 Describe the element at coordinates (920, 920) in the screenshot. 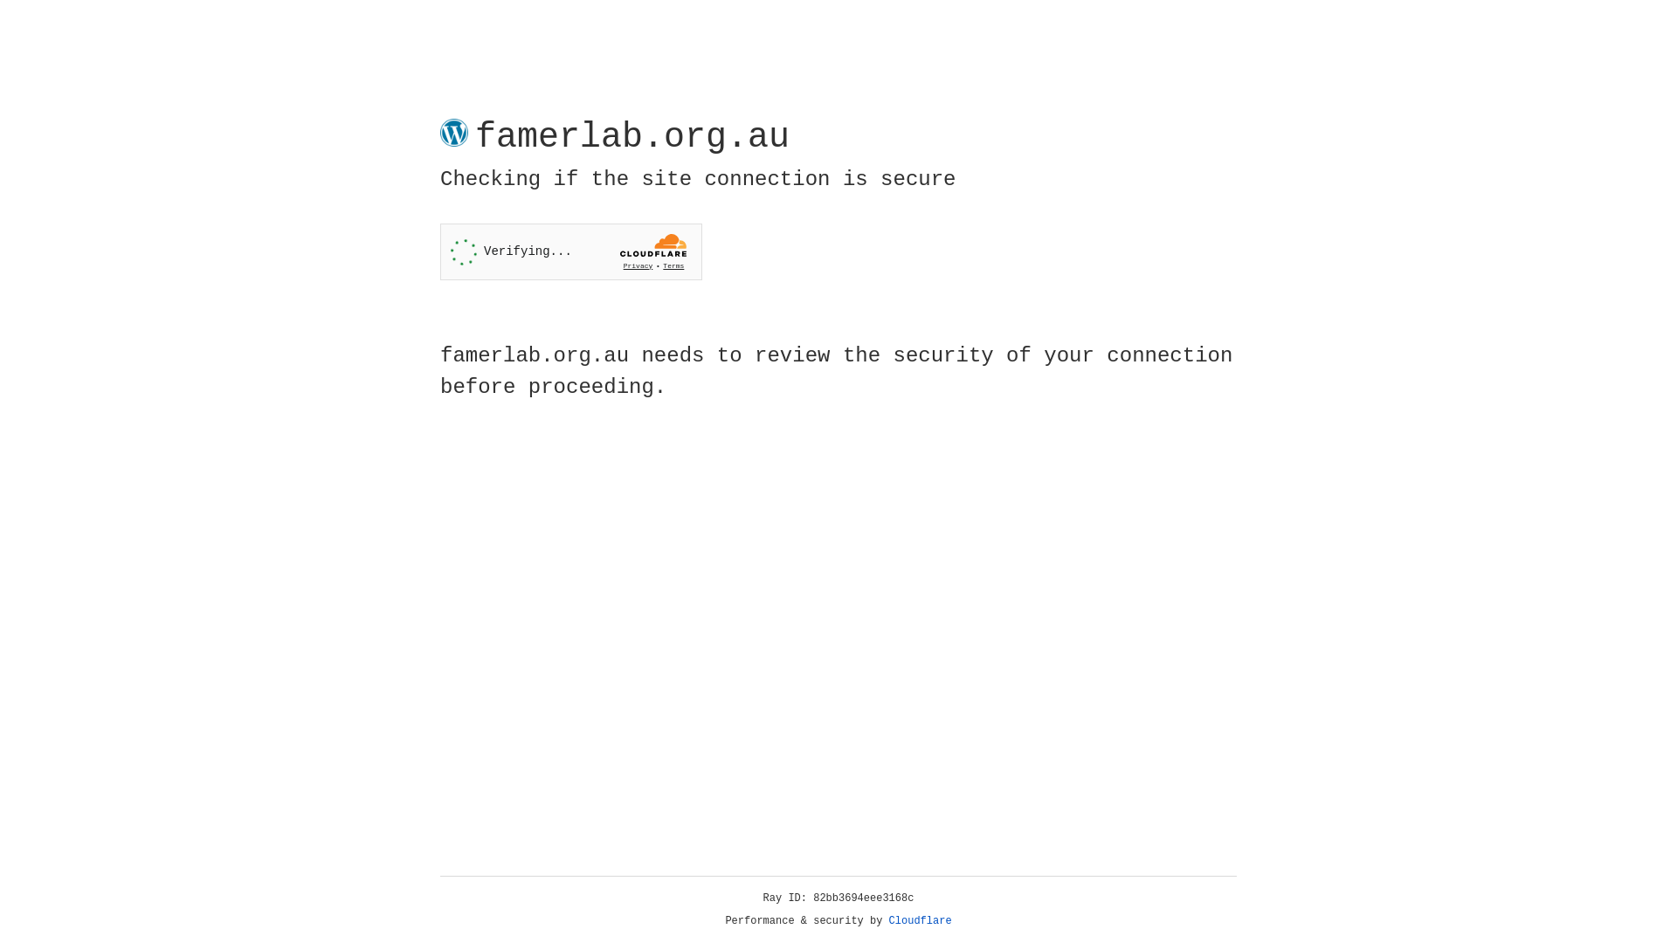

I see `'Cloudflare'` at that location.